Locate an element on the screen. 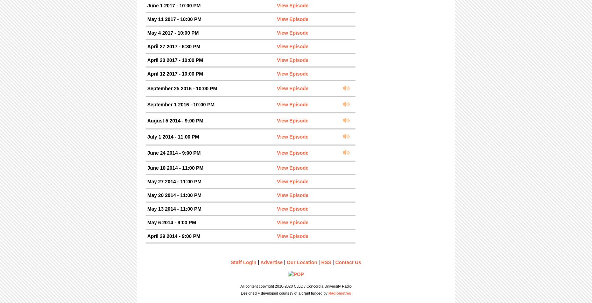 This screenshot has width=592, height=303. 'Advertise' is located at coordinates (271, 262).